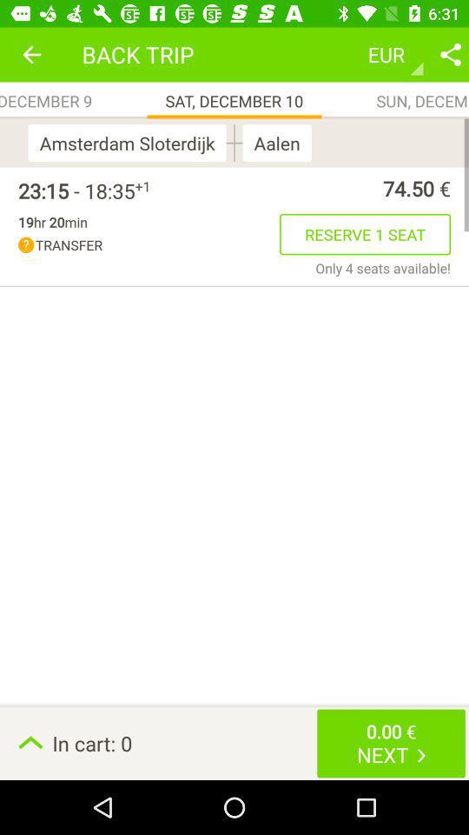  What do you see at coordinates (383, 268) in the screenshot?
I see `item below the reserve 1 seat icon` at bounding box center [383, 268].